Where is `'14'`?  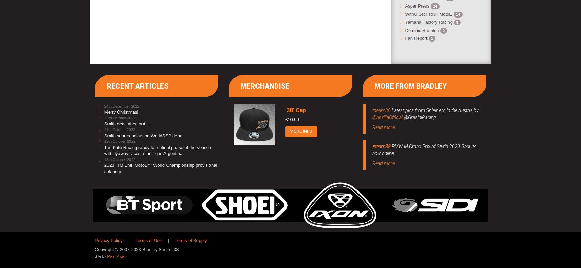
'14' is located at coordinates (455, 14).